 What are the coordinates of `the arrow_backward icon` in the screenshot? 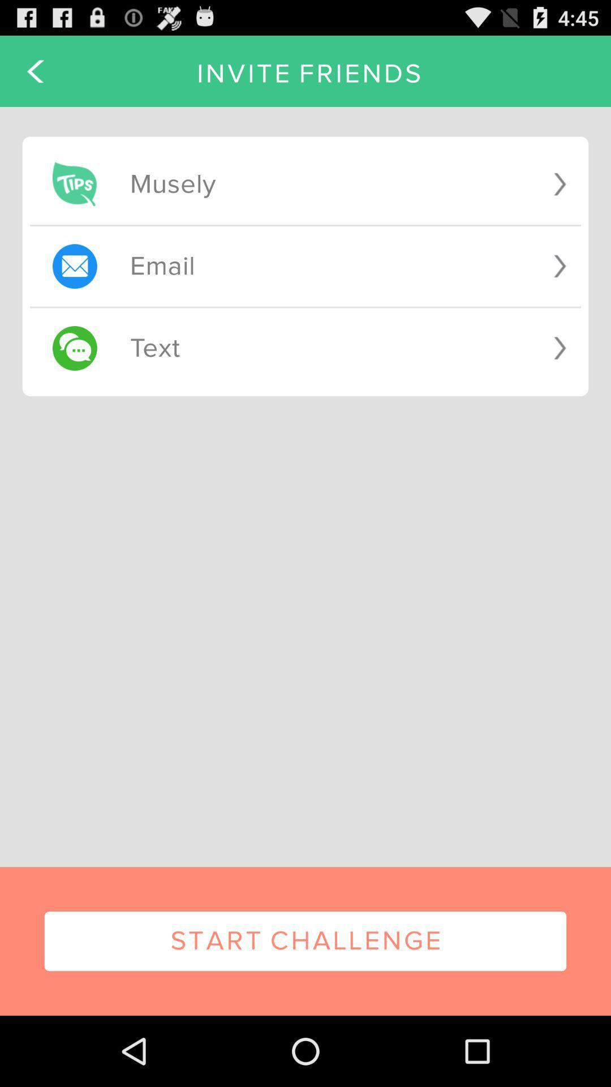 It's located at (35, 75).